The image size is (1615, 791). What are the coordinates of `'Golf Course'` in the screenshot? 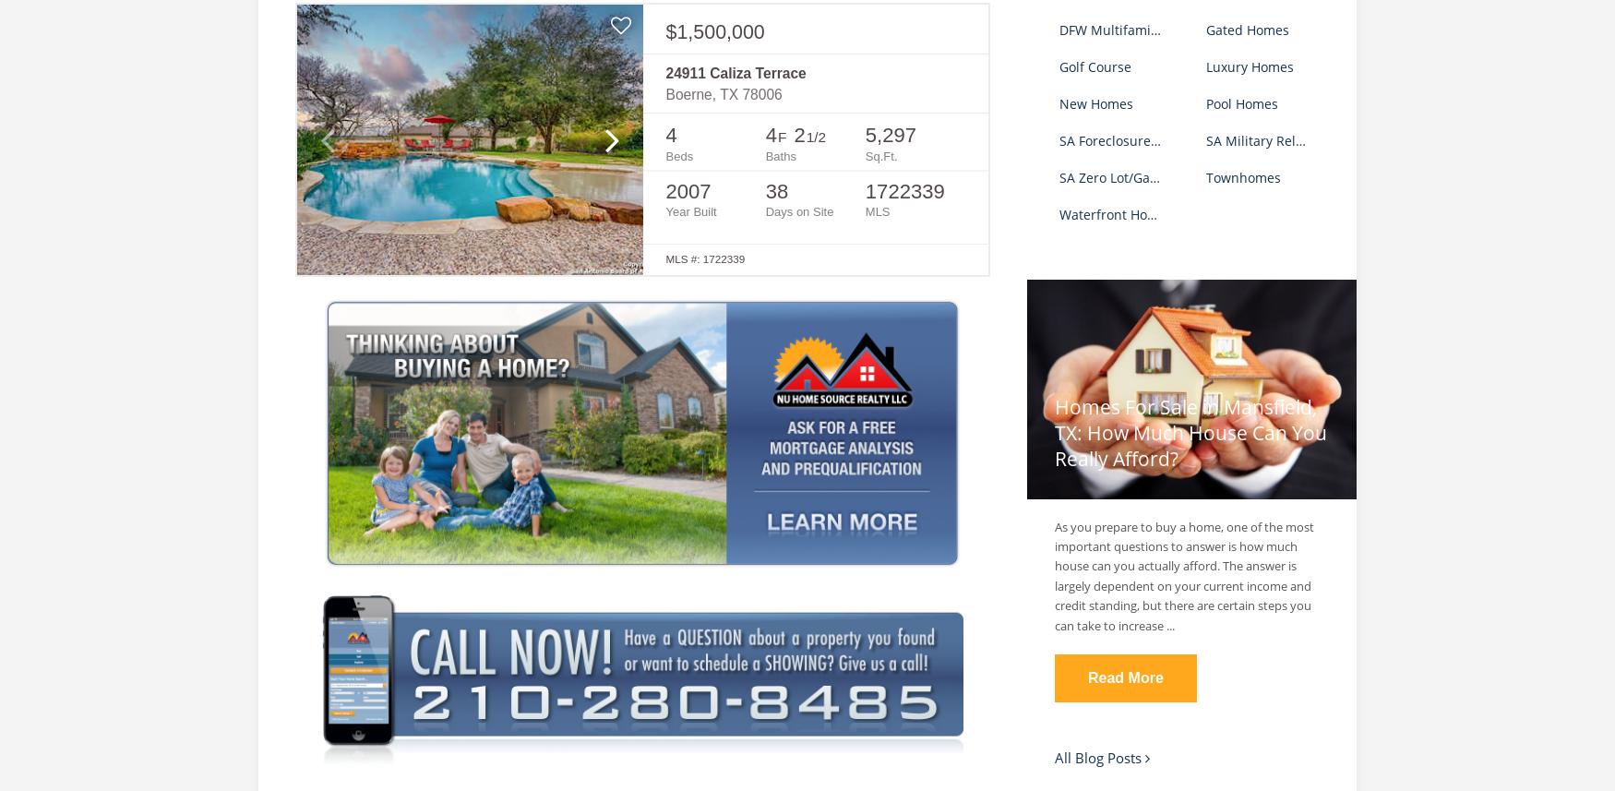 It's located at (1095, 65).